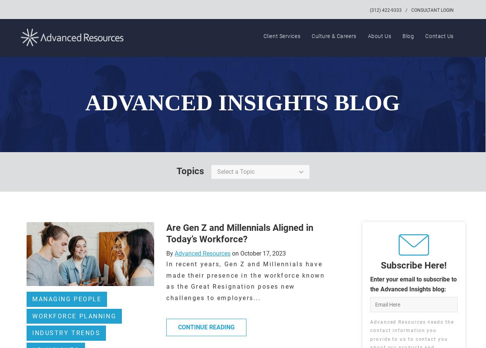  Describe the element at coordinates (242, 102) in the screenshot. I see `'ADVANCED INSIGHTS BLOG'` at that location.